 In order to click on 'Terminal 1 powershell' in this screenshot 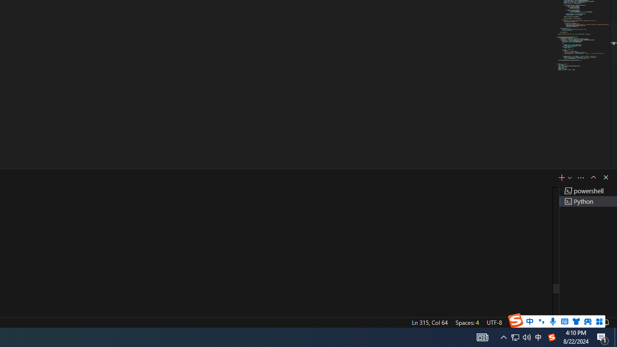, I will do `click(588, 191)`.